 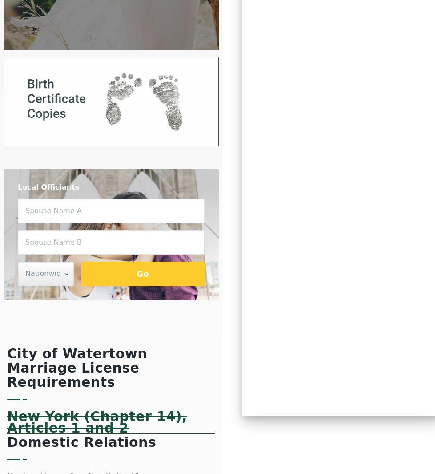 What do you see at coordinates (291, 124) in the screenshot?
I see `'New Mexico'` at bounding box center [291, 124].